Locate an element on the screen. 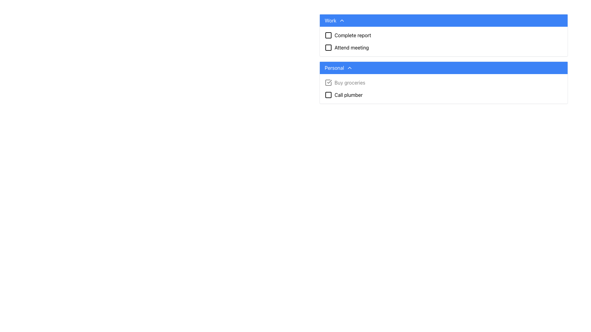 The image size is (591, 332). the associated checkbox for the checklist item is located at coordinates (353, 35).